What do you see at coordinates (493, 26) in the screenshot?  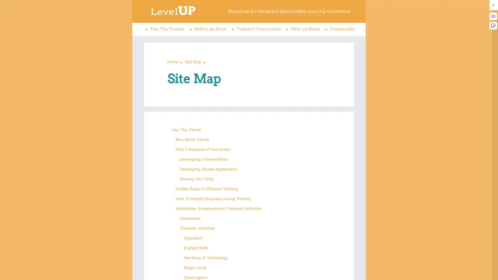 I see `New page note` at bounding box center [493, 26].